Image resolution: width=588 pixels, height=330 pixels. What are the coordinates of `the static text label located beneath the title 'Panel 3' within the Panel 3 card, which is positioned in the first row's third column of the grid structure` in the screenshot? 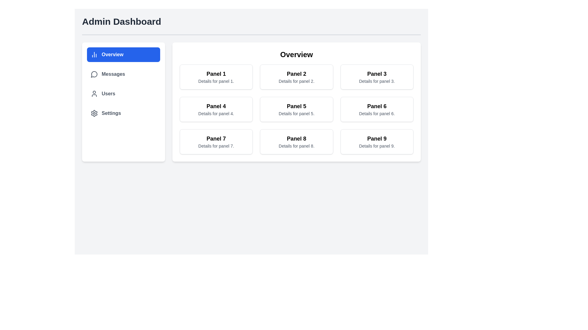 It's located at (376, 81).